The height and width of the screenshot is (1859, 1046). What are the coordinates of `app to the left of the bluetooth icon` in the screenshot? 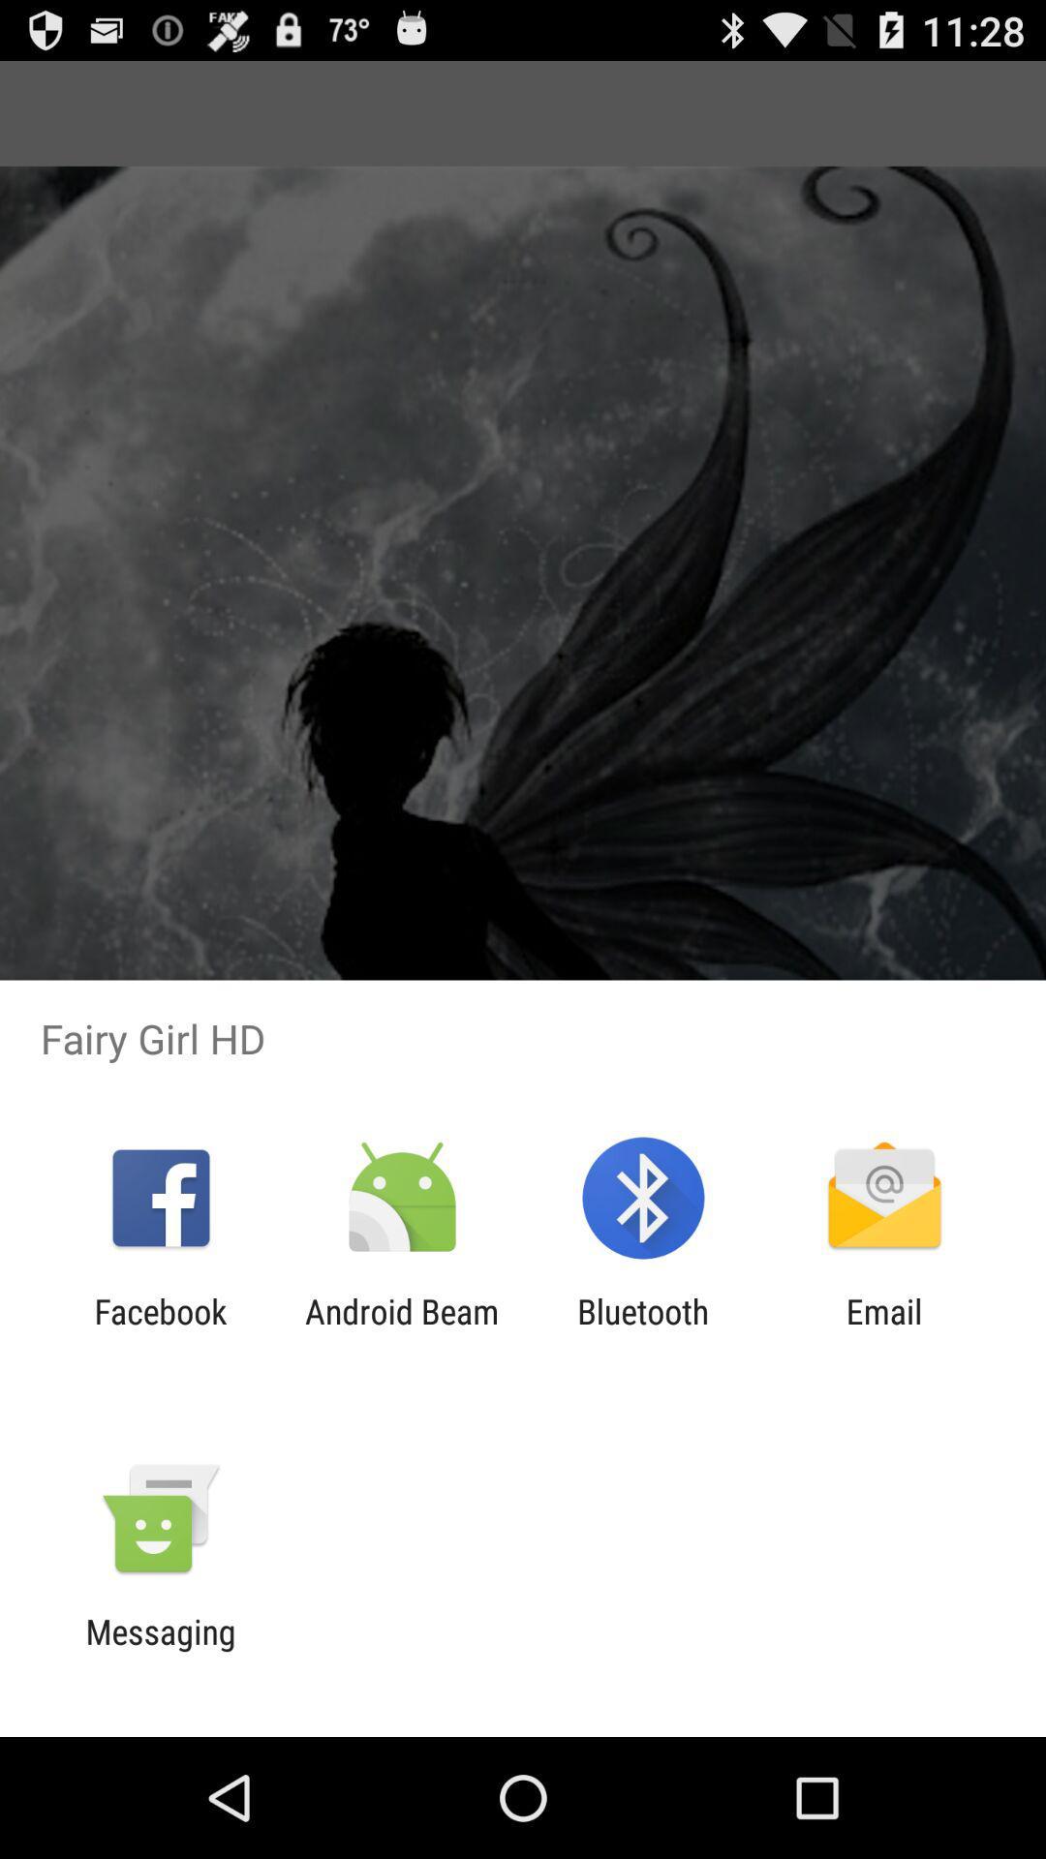 It's located at (401, 1330).